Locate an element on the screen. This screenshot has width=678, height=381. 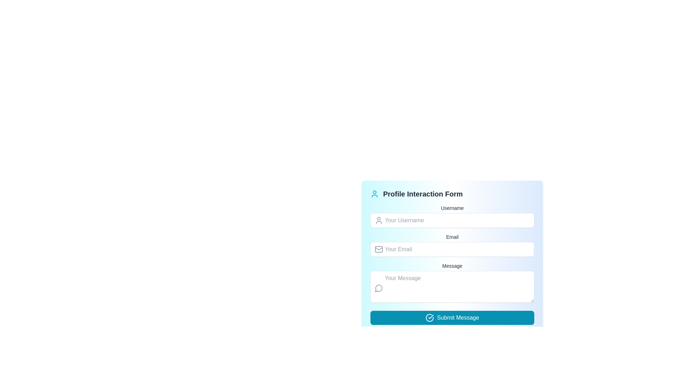
the header text element displaying 'Profile Interaction Form' for visual guidance is located at coordinates (452, 194).